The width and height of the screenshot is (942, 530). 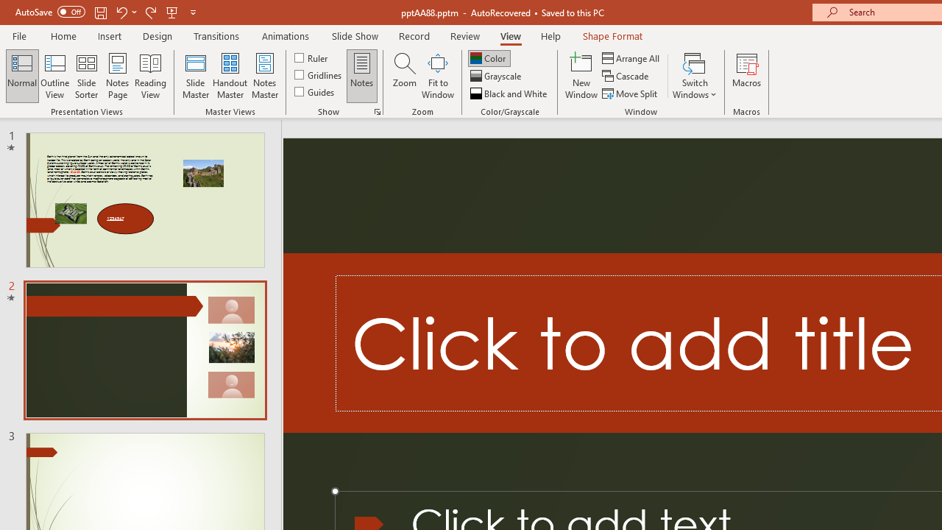 What do you see at coordinates (612, 35) in the screenshot?
I see `'Shape Format'` at bounding box center [612, 35].